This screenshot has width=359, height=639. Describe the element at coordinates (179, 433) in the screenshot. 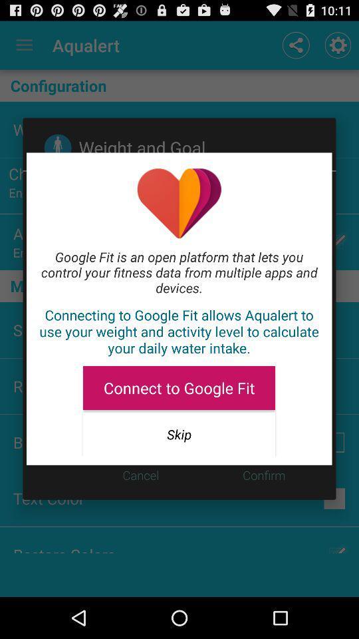

I see `the icon at the bottom` at that location.